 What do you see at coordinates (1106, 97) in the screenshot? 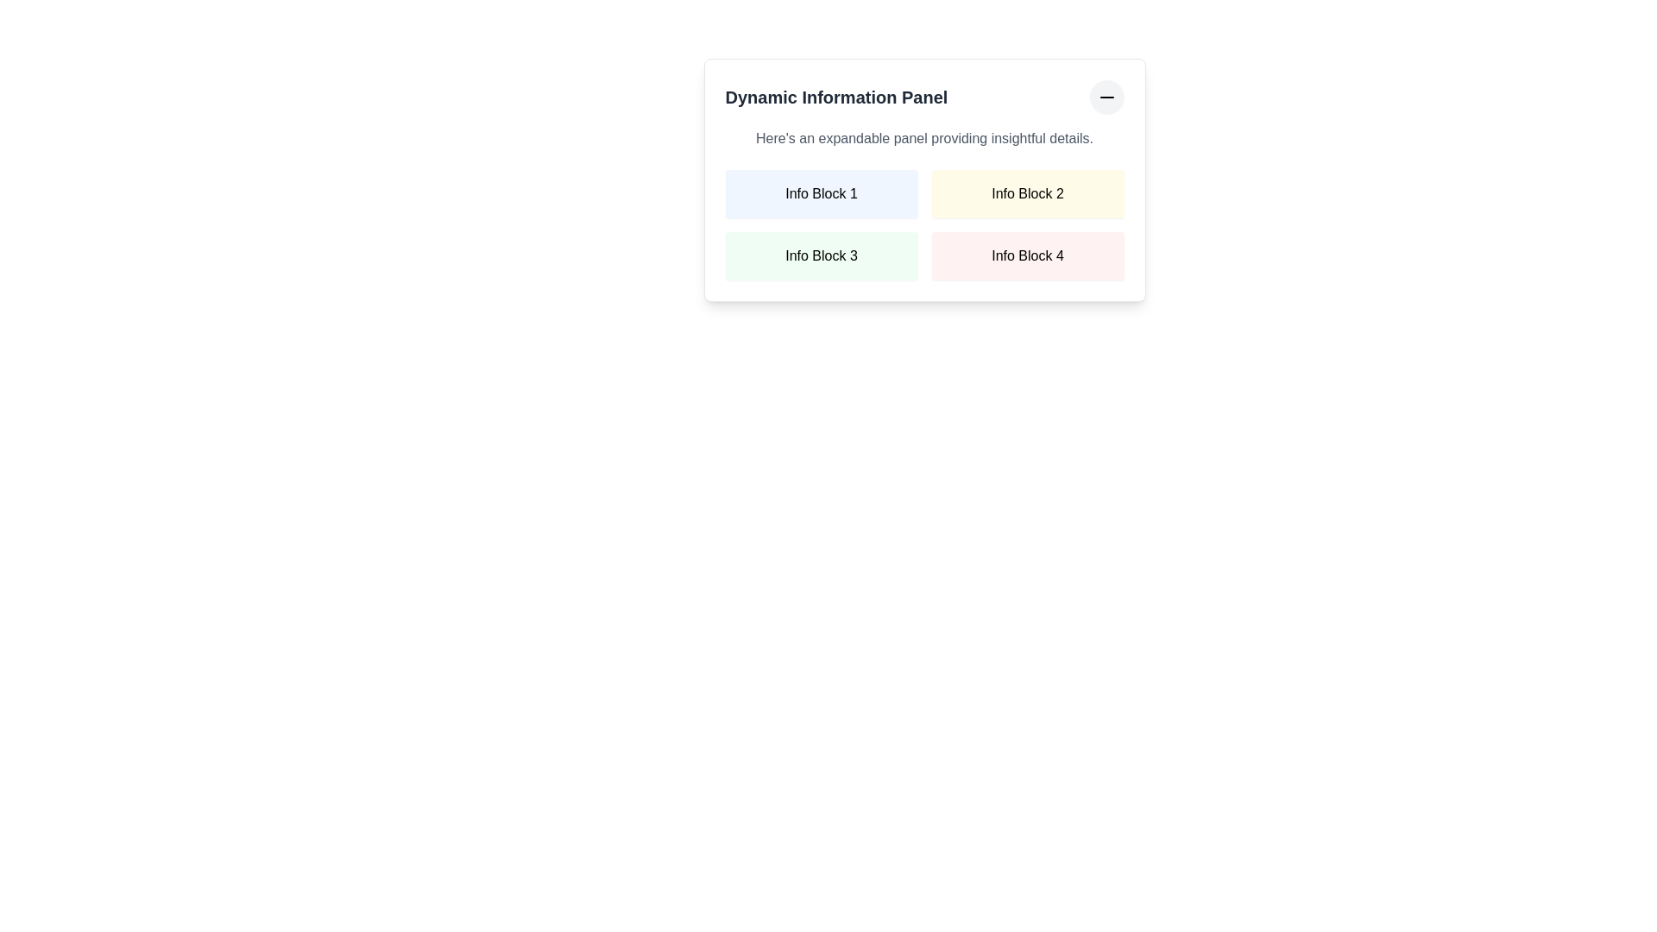
I see `the circular button with a light gray background and a horizontal black line in the center` at bounding box center [1106, 97].